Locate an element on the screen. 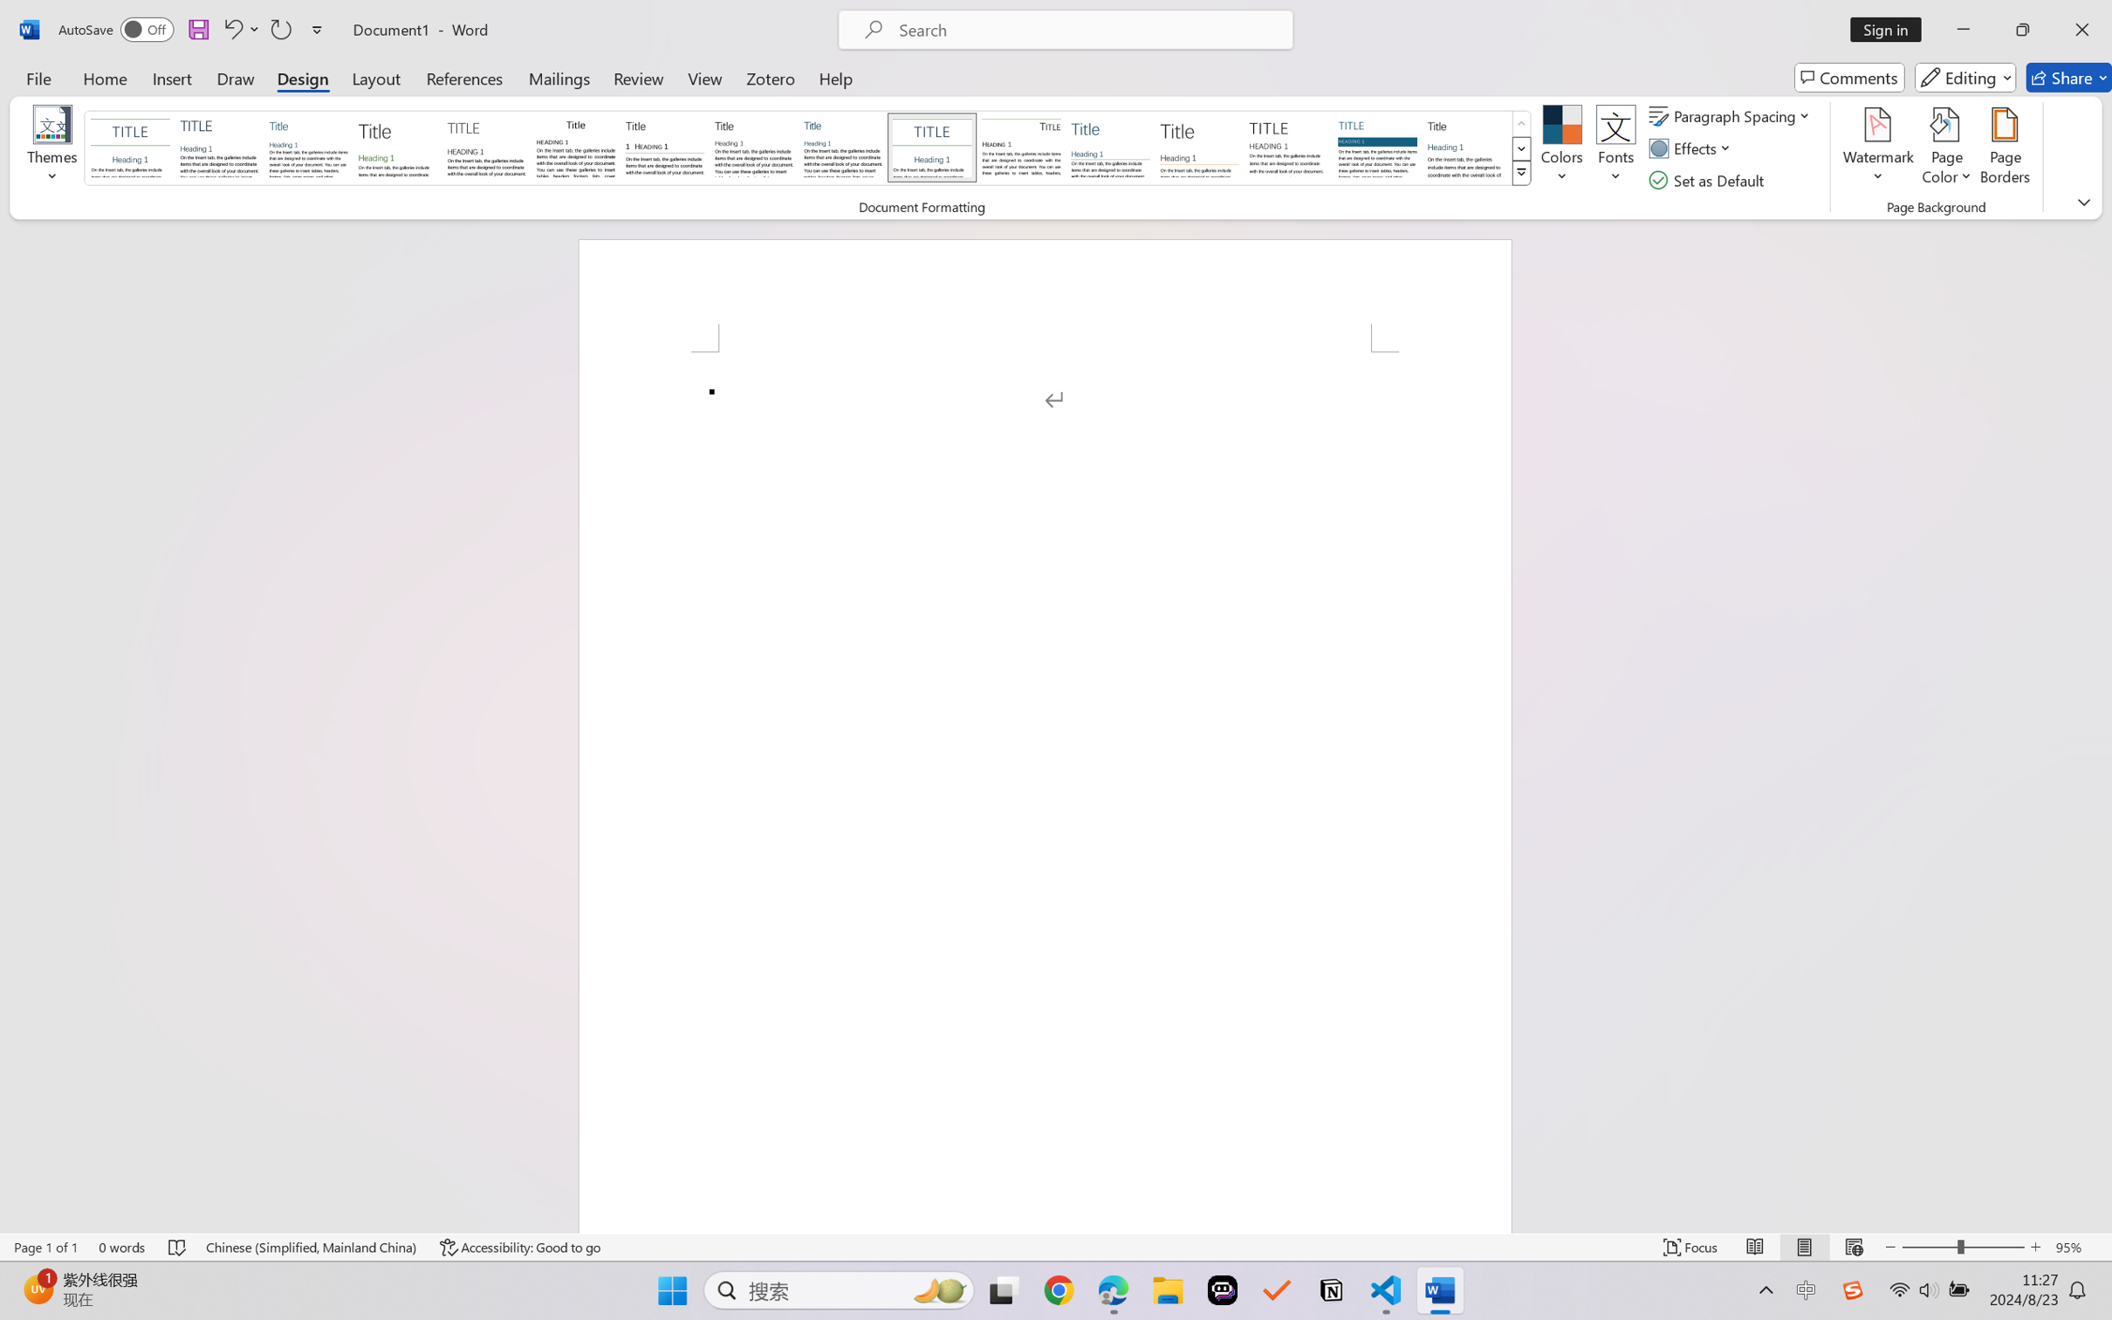 This screenshot has width=2112, height=1320. 'Black & White (Numbered)' is located at coordinates (665, 147).